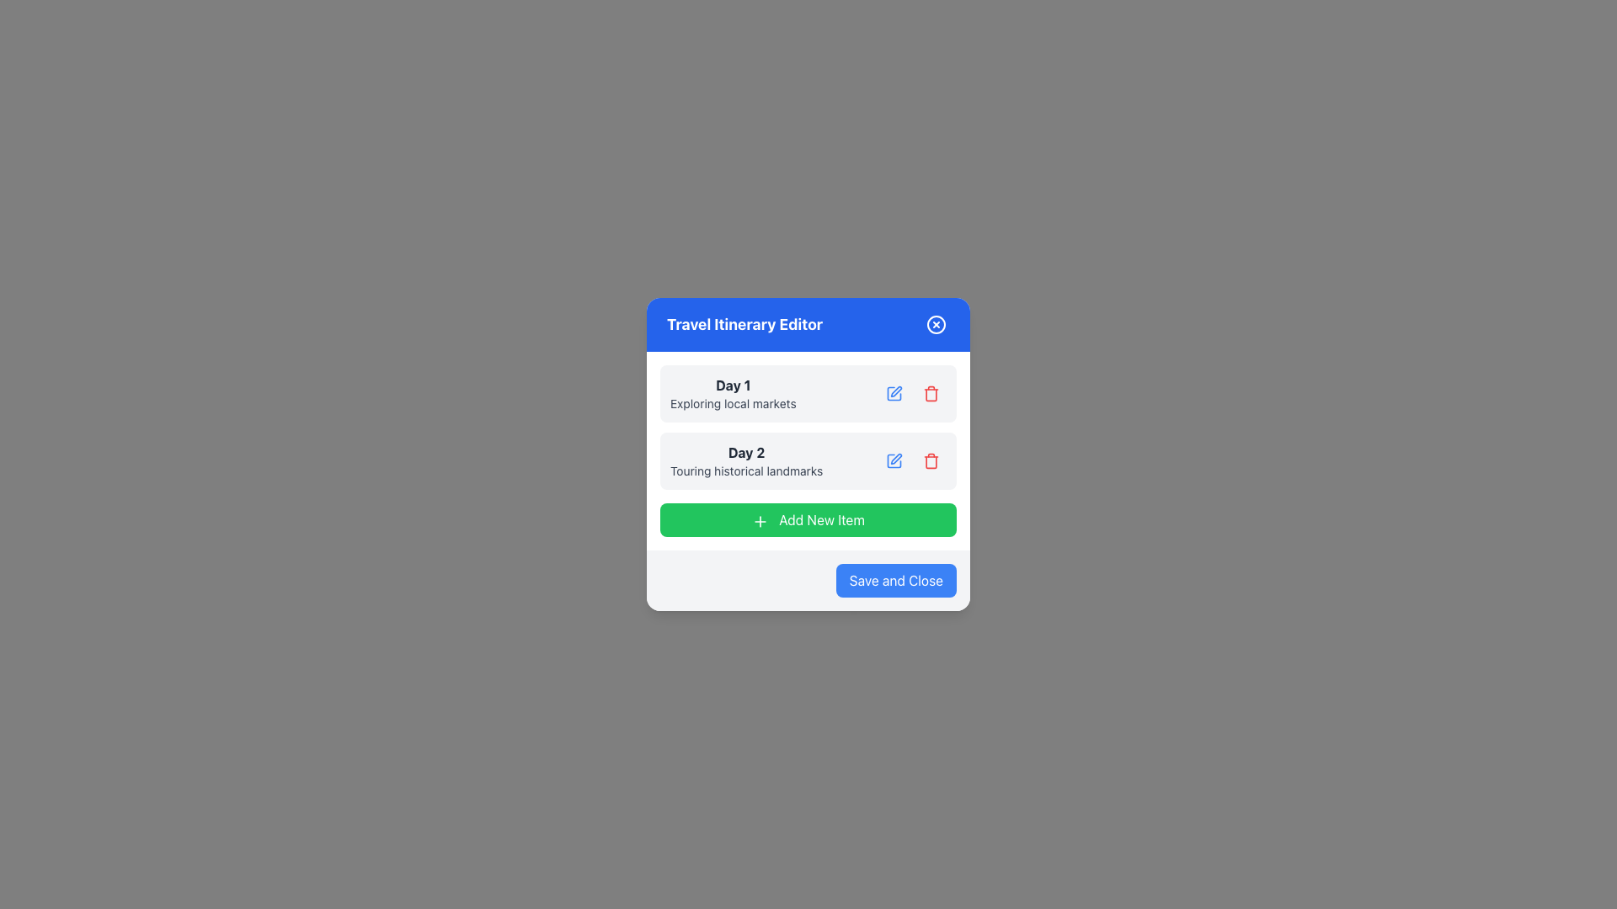  What do you see at coordinates (808, 518) in the screenshot?
I see `the 'Add New Item' button with a green background and white text located at the bottom of the 'Travel Itinerary Editor' panel` at bounding box center [808, 518].